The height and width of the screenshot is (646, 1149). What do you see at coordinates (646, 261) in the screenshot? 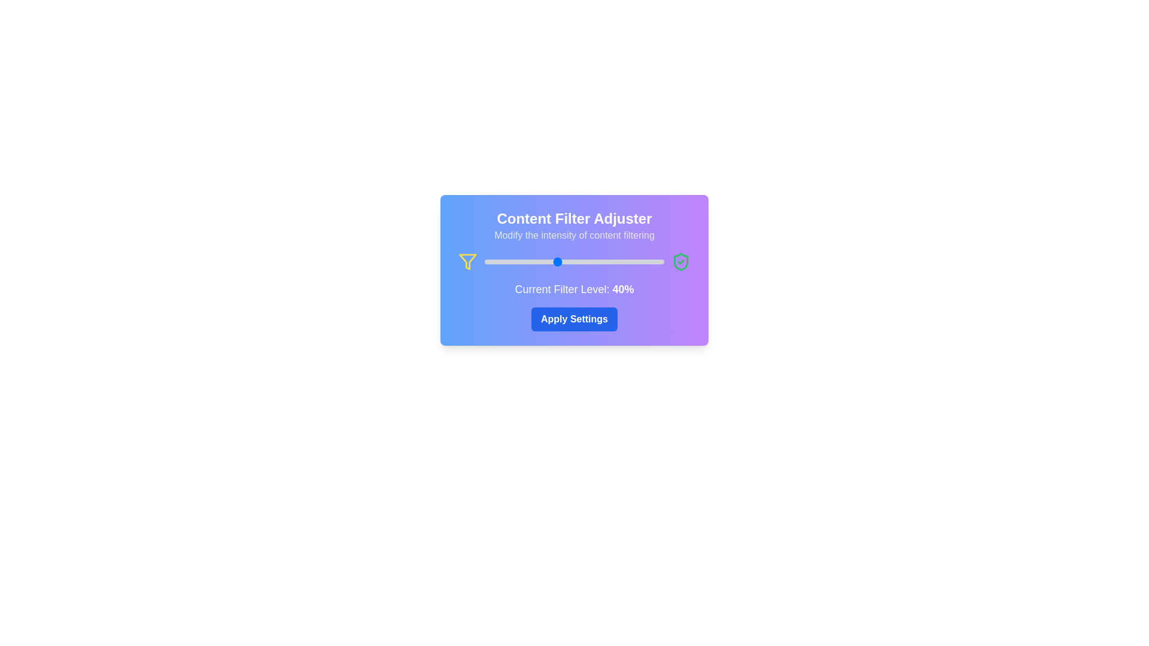
I see `the slider to set the filter level to 90%` at bounding box center [646, 261].